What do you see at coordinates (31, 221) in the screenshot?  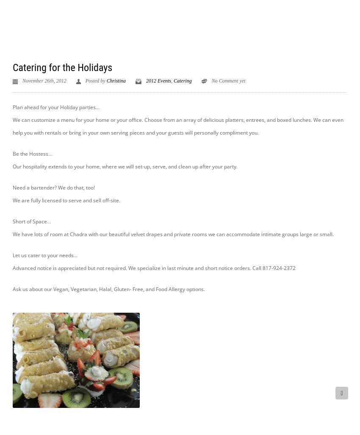 I see `'Short of Space…'` at bounding box center [31, 221].